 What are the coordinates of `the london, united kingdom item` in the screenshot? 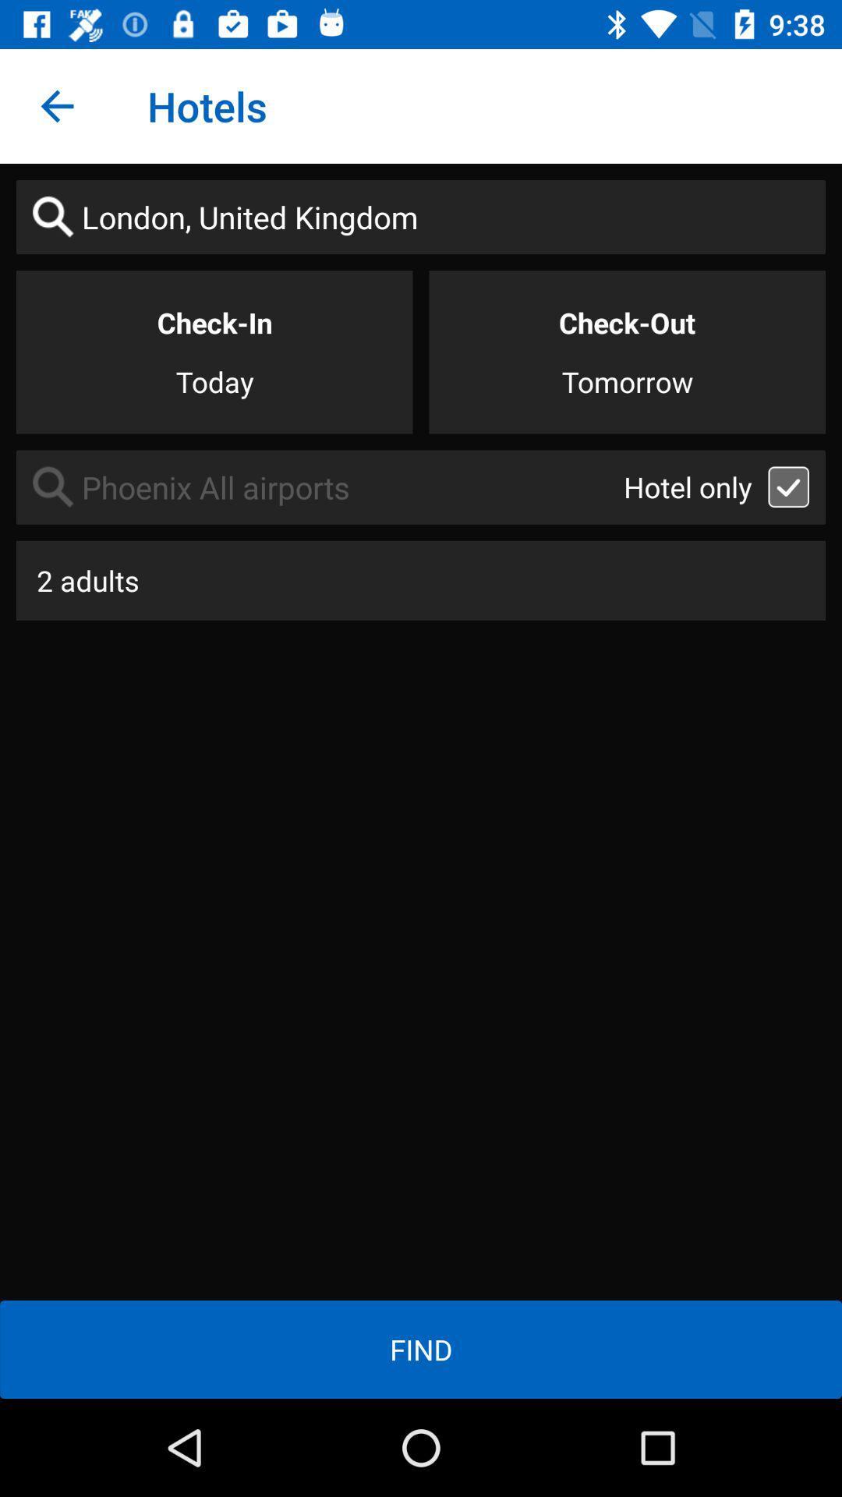 It's located at (421, 216).